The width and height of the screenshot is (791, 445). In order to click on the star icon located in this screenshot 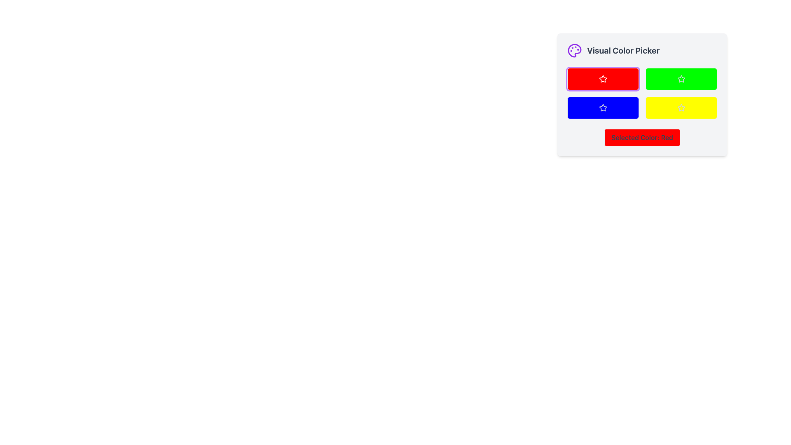, I will do `click(681, 79)`.